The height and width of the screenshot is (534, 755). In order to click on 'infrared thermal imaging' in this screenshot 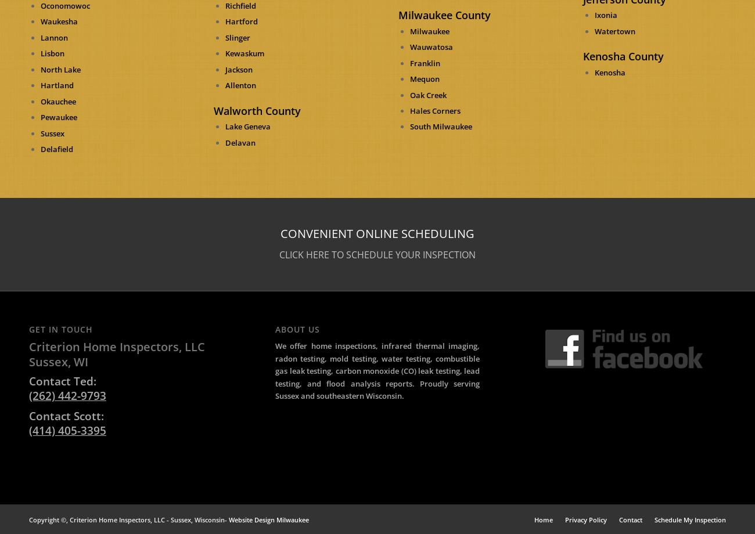, I will do `click(381, 345)`.